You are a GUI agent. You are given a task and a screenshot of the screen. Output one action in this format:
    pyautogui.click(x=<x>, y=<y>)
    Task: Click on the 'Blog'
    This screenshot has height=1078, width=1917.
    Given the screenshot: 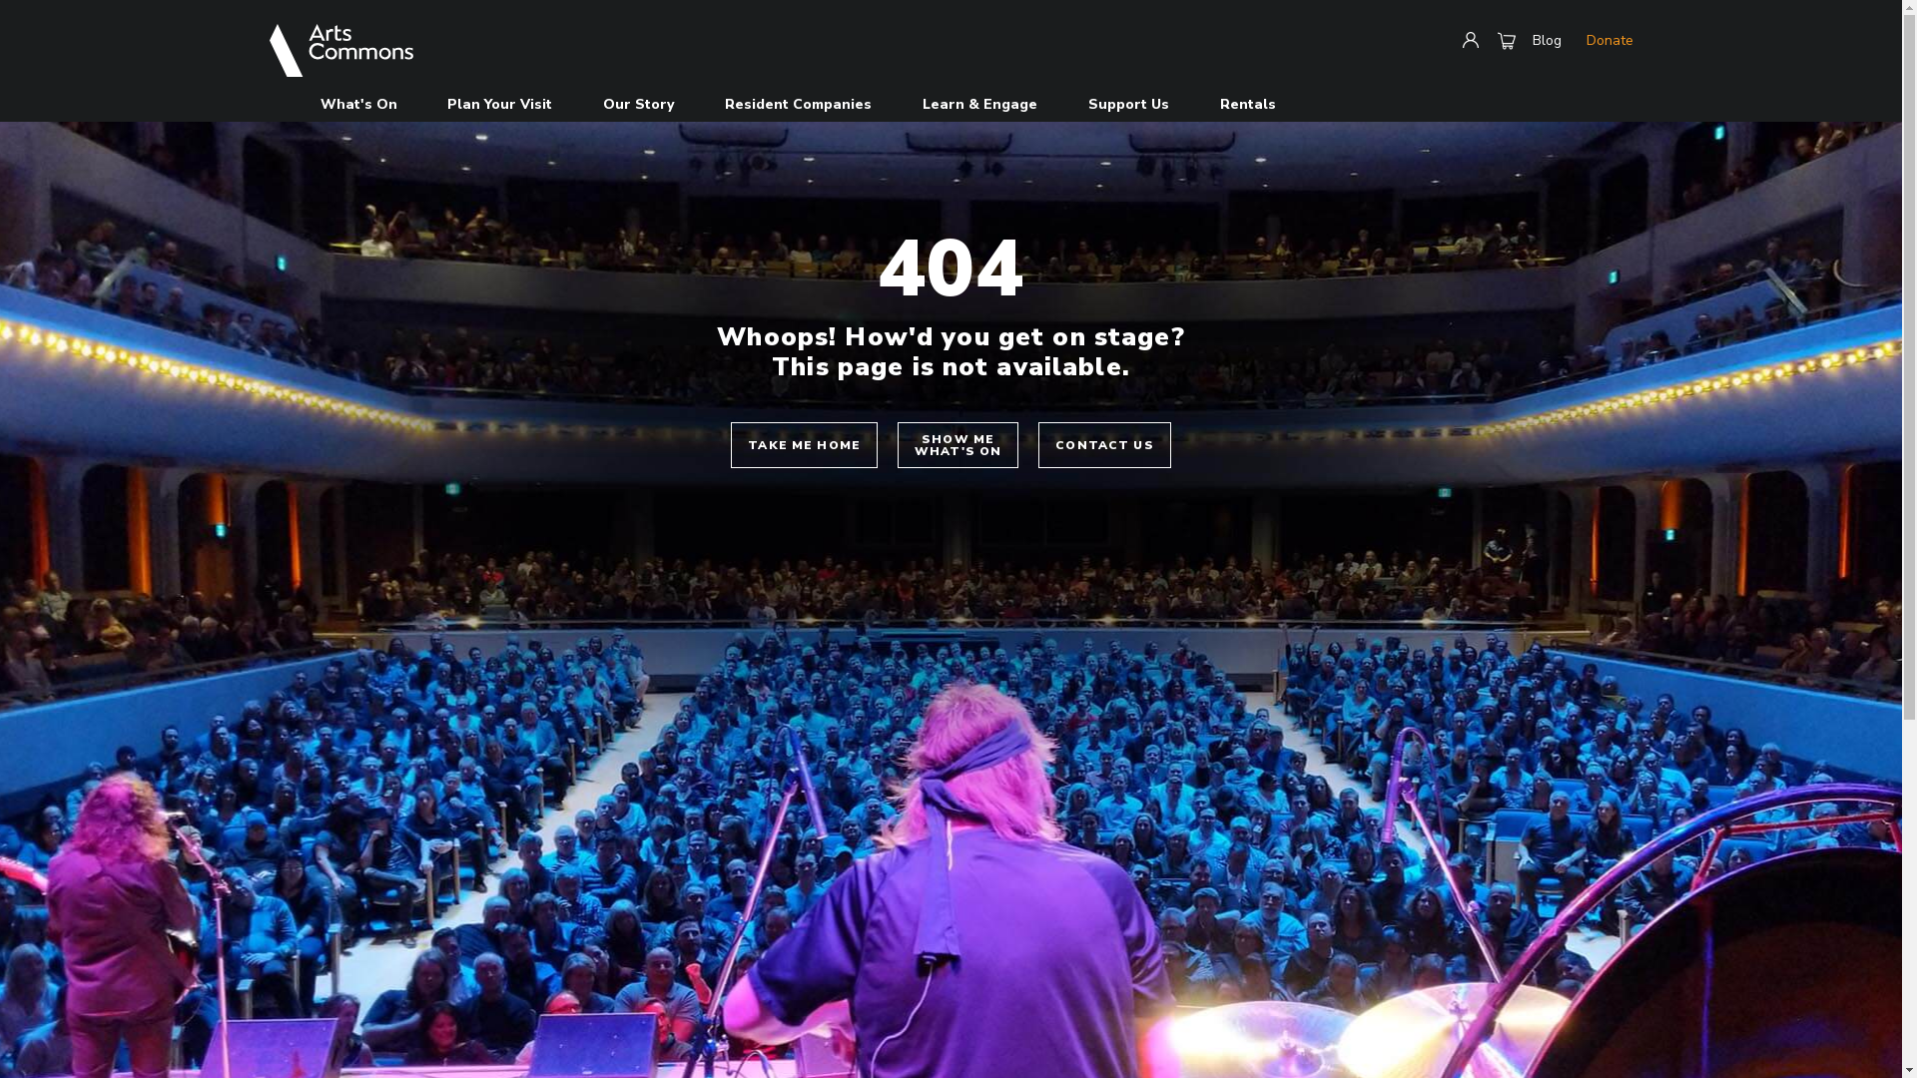 What is the action you would take?
    pyautogui.click(x=1546, y=41)
    